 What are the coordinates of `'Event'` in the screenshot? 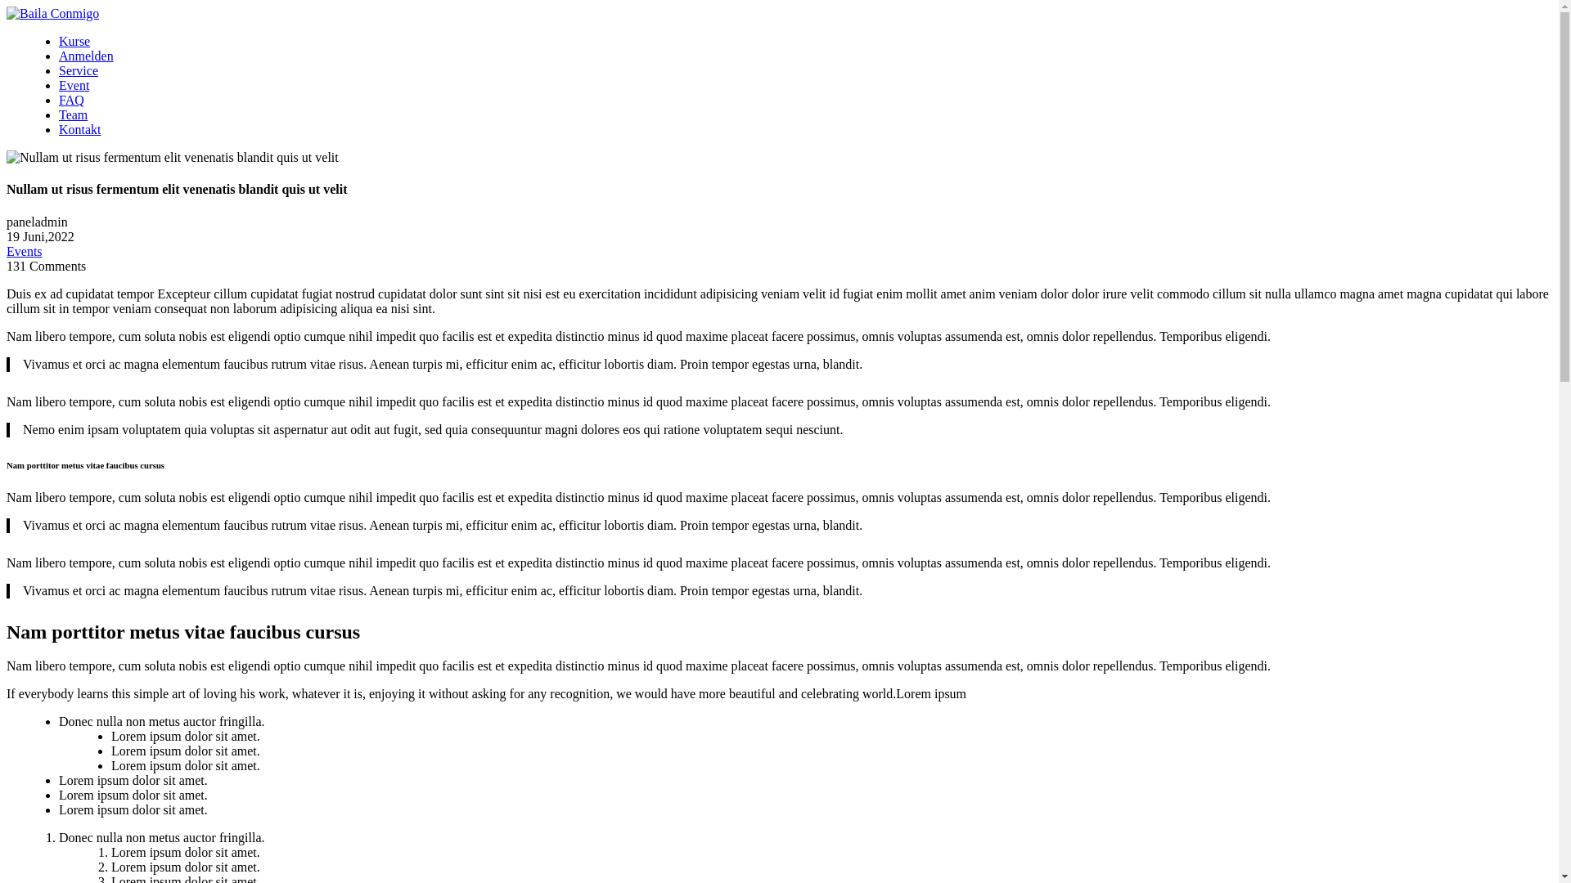 It's located at (59, 85).